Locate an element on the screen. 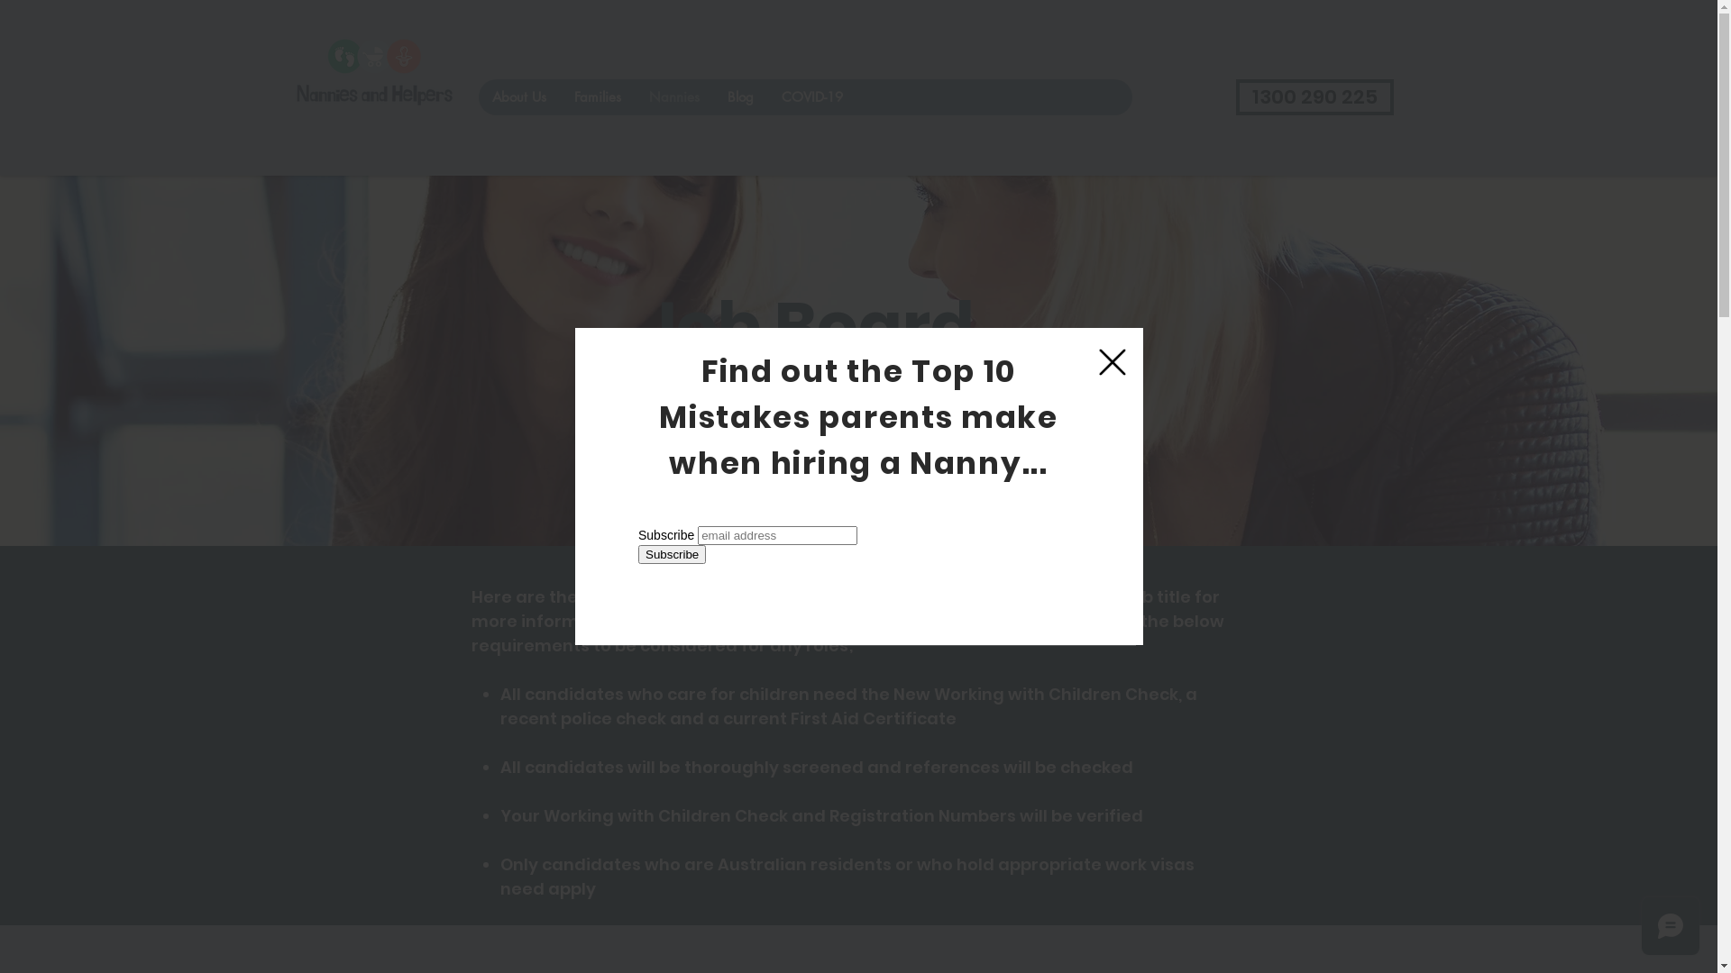 This screenshot has width=1731, height=973. 'Back to site' is located at coordinates (1097, 361).